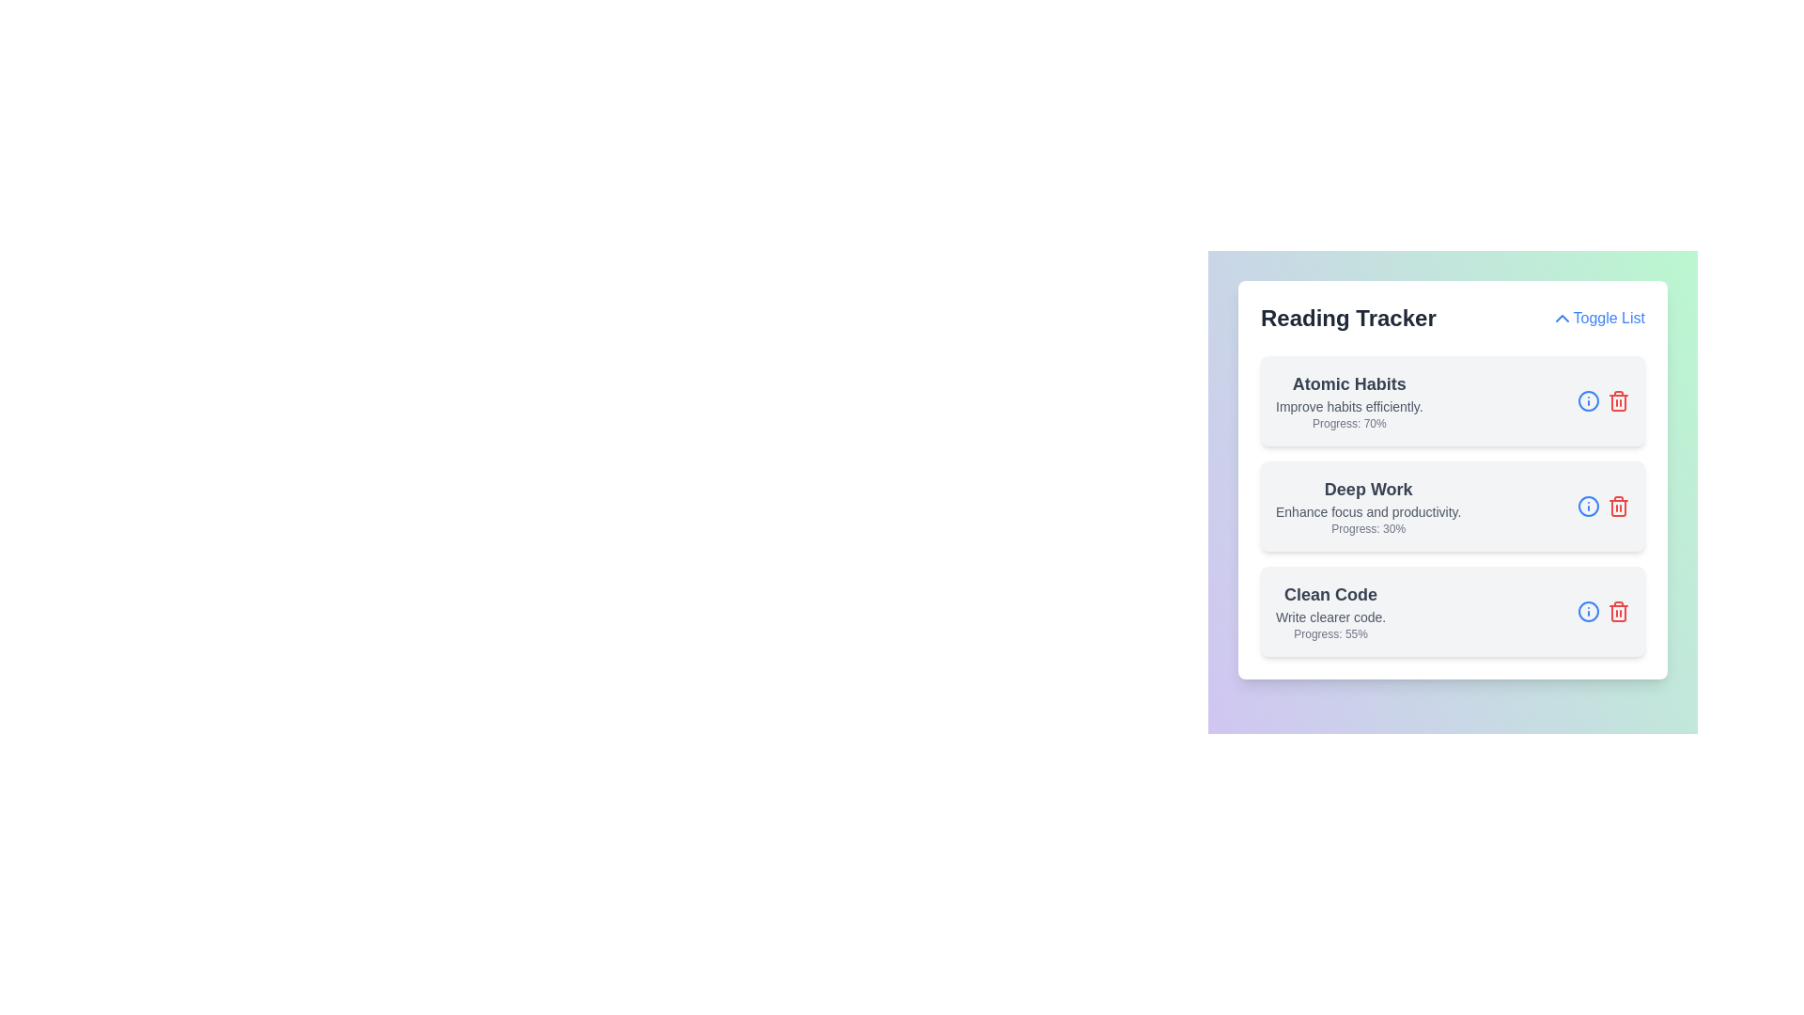 This screenshot has width=1804, height=1015. Describe the element at coordinates (1368, 511) in the screenshot. I see `the text label that provides supplementary information about the 'Deep Work' list item` at that location.